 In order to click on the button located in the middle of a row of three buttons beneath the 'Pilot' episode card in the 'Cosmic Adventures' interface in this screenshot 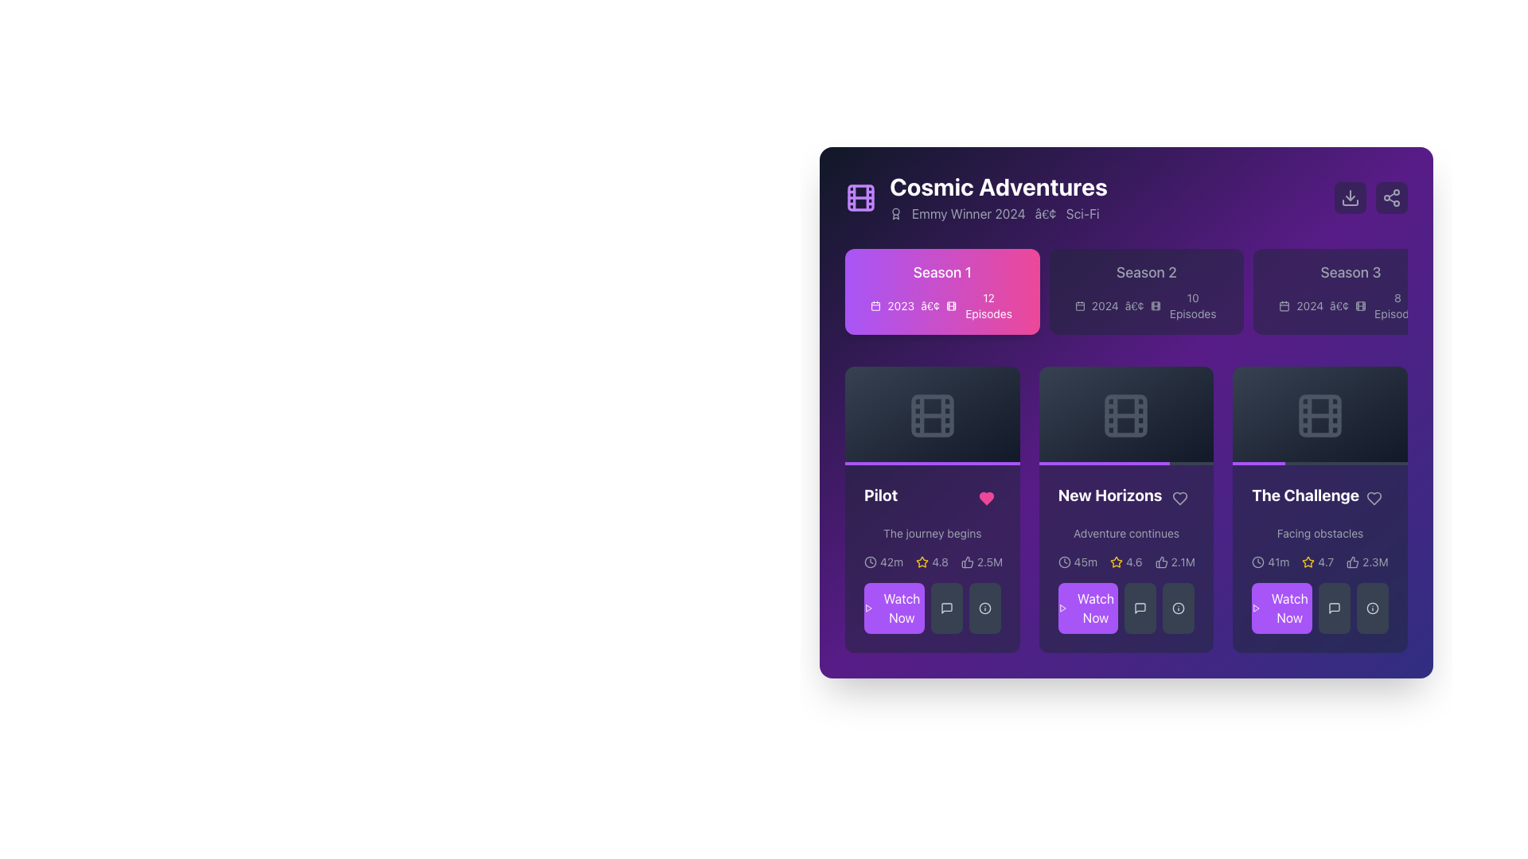, I will do `click(946, 608)`.